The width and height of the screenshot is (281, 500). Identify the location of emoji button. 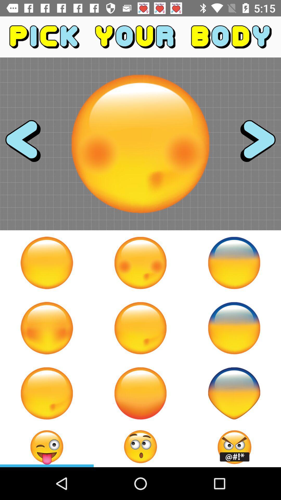
(140, 328).